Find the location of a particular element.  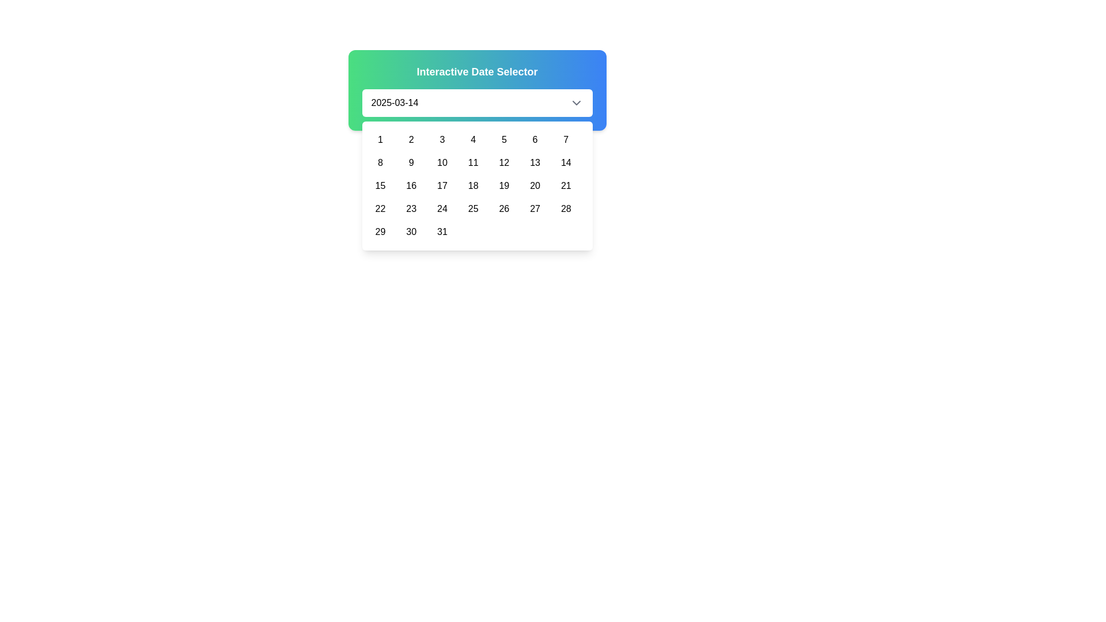

the small, square button containing the number '18' in black, which is part of a calendar grid is located at coordinates (473, 185).